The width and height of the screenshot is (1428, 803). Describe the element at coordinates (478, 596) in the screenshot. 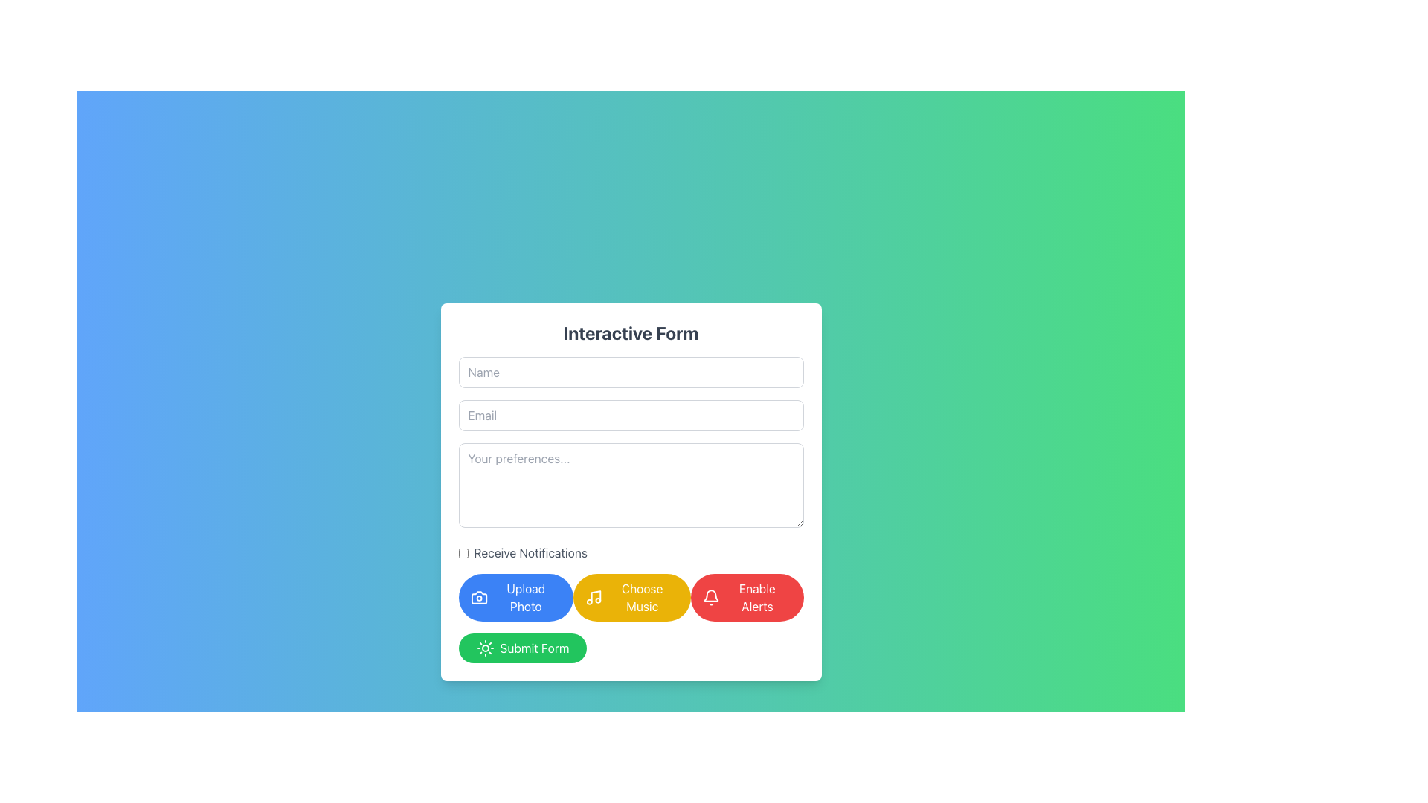

I see `the photo upload icon located inside the 'Upload Photo' button, which is the first button in a row of four at the bottom left of the form` at that location.